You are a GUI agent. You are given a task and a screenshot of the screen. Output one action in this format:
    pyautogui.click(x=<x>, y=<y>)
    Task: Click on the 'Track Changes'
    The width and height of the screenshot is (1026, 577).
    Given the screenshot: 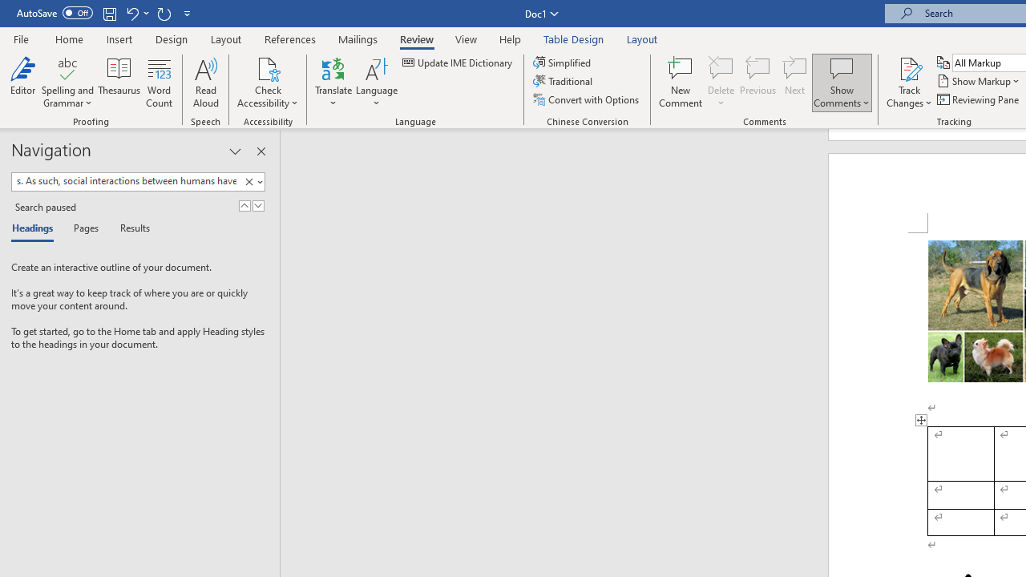 What is the action you would take?
    pyautogui.click(x=909, y=83)
    